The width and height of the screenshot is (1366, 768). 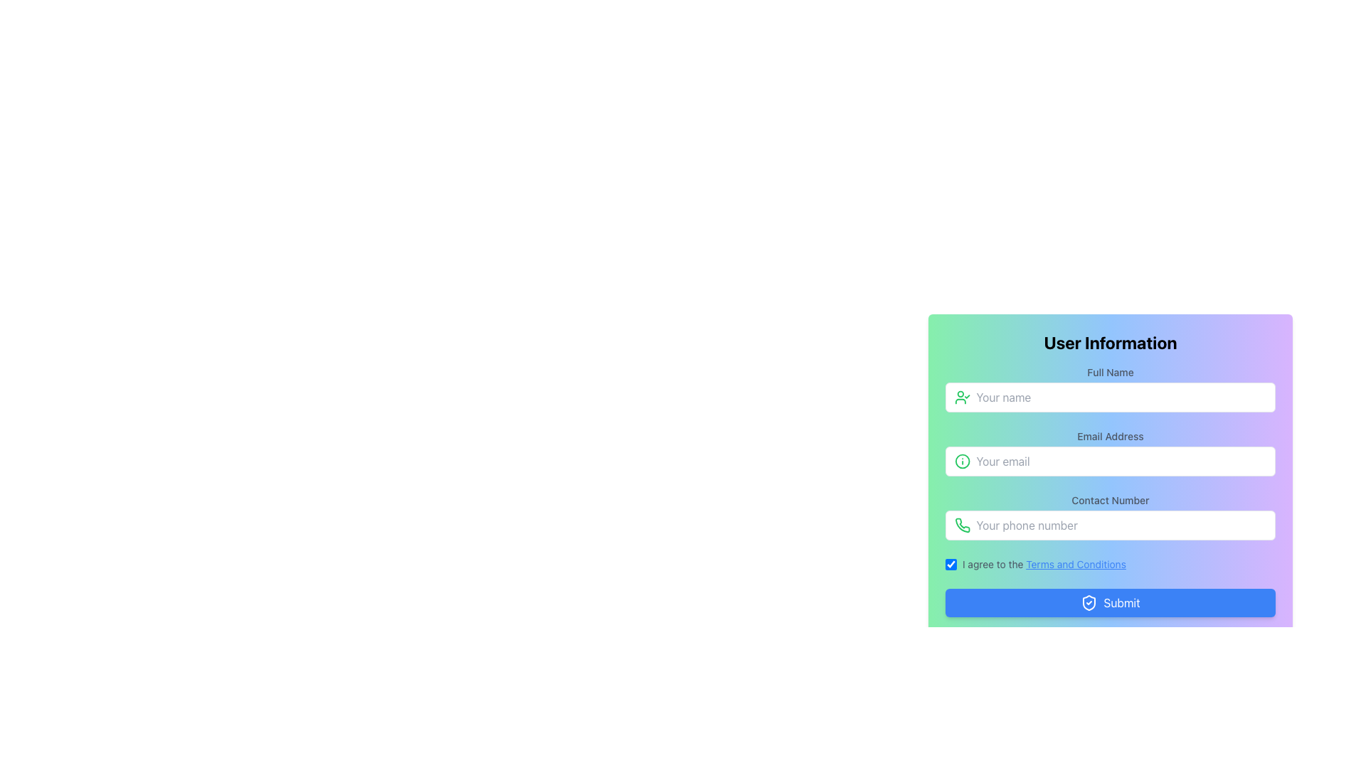 What do you see at coordinates (1076, 563) in the screenshot?
I see `the hyperlink located after the checkbox with the text 'I agree to the'` at bounding box center [1076, 563].